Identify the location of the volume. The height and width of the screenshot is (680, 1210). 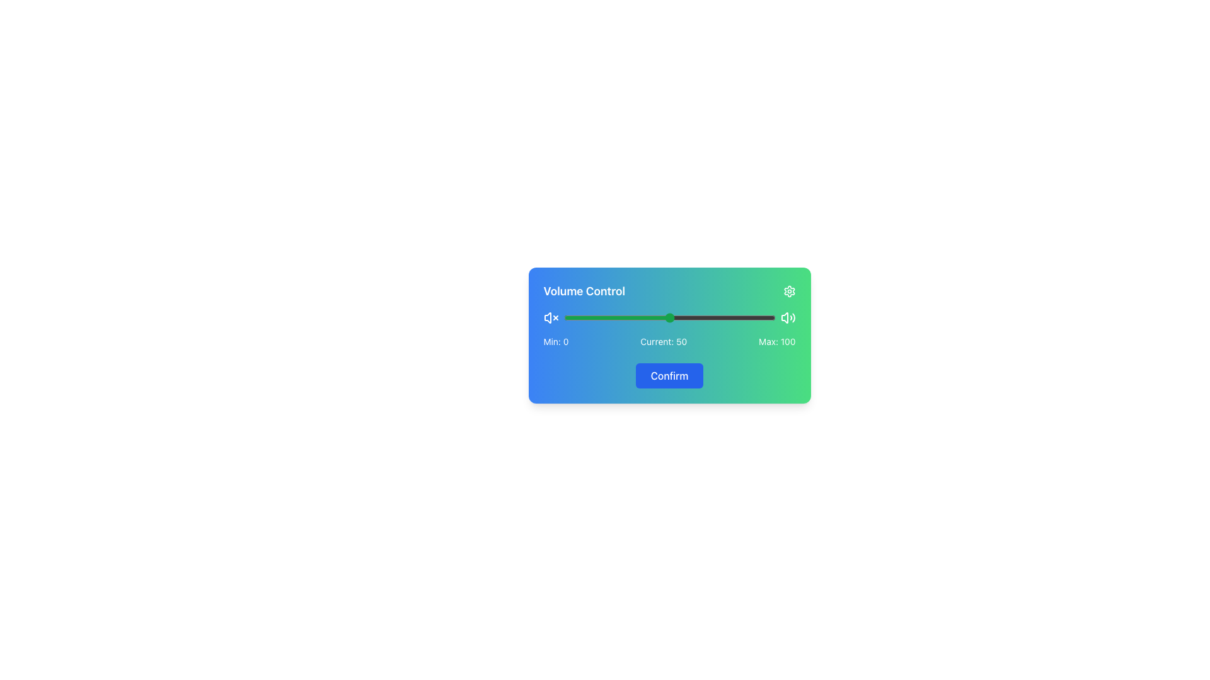
(563, 317).